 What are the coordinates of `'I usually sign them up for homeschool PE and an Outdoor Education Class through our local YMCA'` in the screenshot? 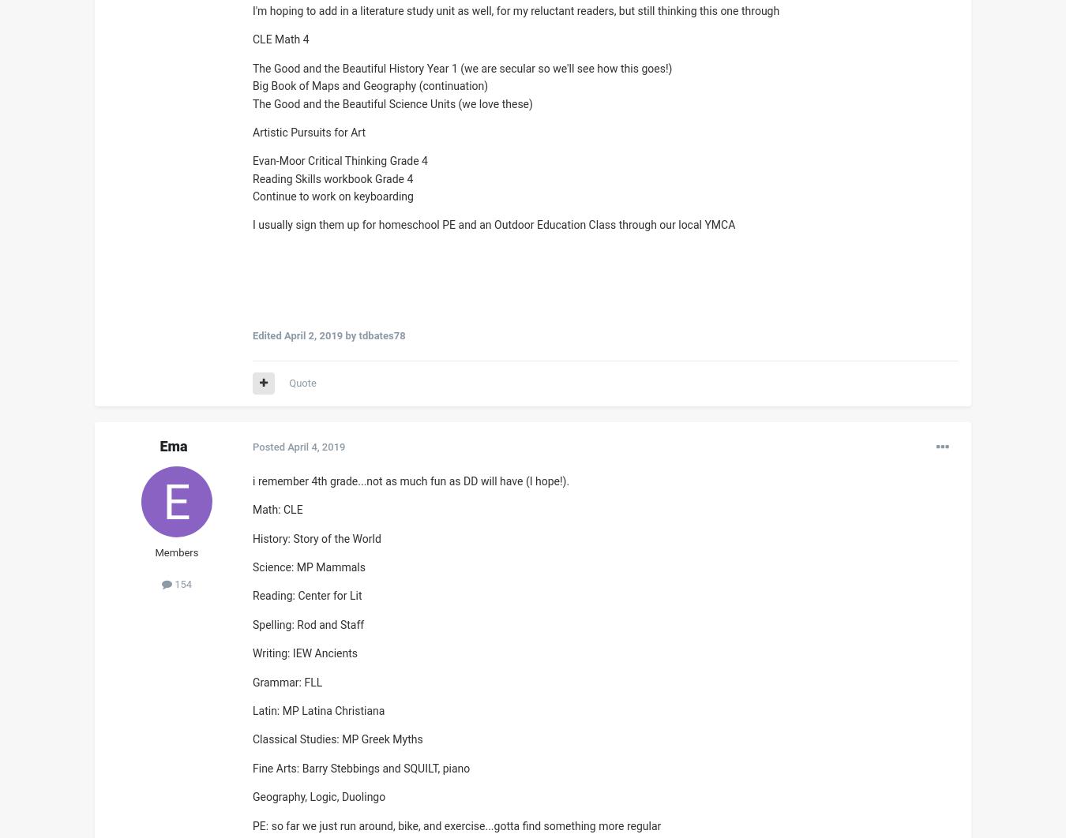 It's located at (494, 224).